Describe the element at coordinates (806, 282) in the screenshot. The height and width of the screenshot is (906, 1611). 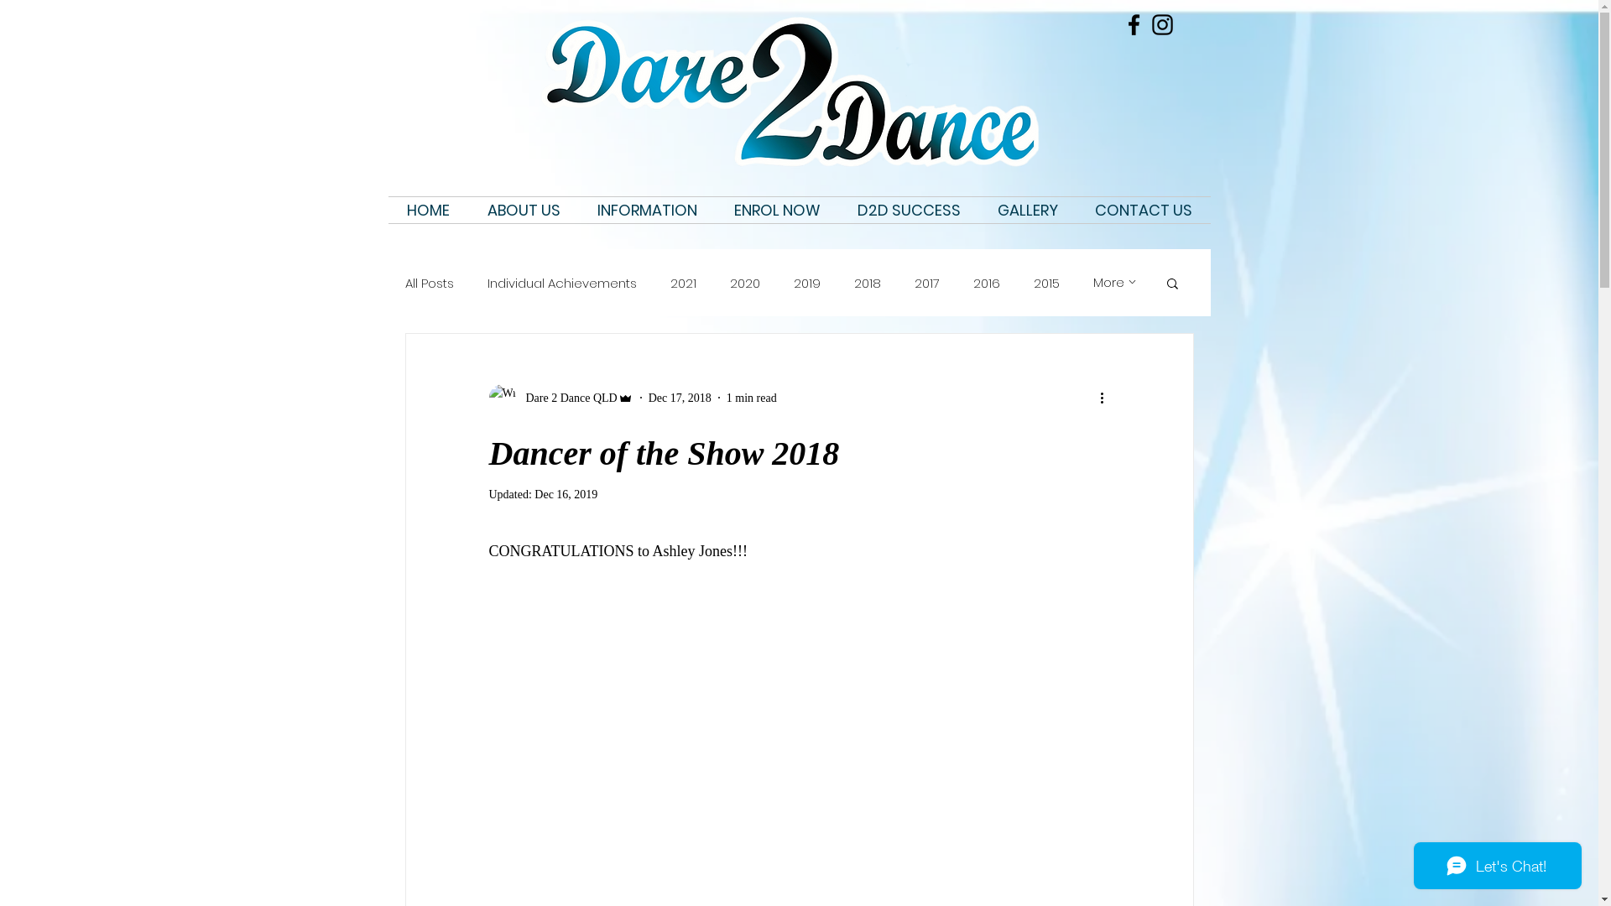
I see `'2019'` at that location.